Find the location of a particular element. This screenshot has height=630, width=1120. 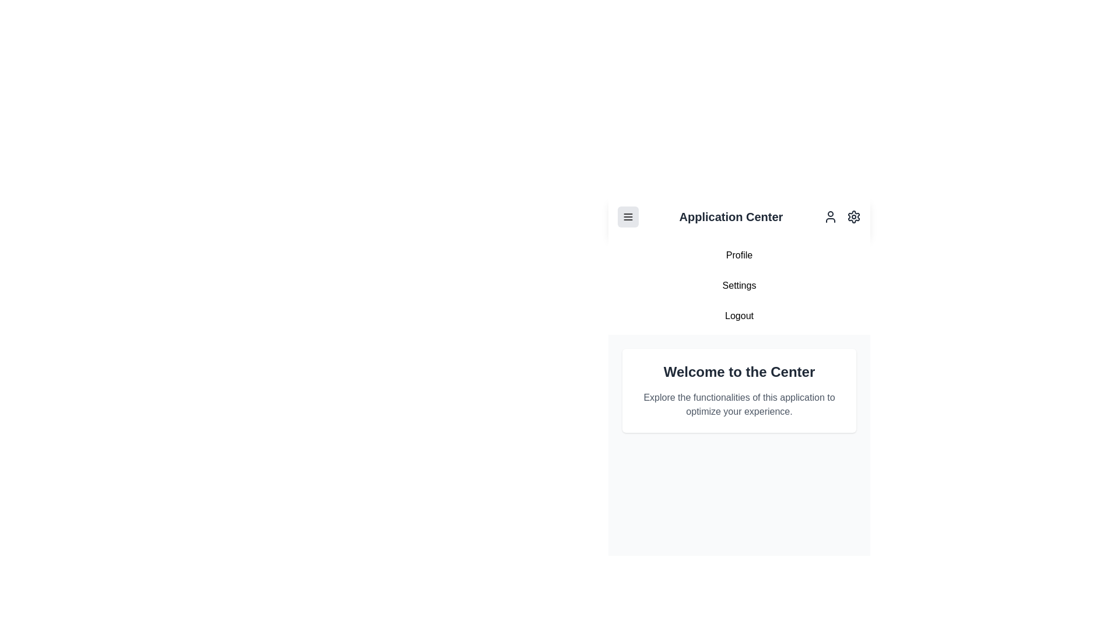

the menu toggle button to toggle the navigation menu visibility is located at coordinates (627, 216).